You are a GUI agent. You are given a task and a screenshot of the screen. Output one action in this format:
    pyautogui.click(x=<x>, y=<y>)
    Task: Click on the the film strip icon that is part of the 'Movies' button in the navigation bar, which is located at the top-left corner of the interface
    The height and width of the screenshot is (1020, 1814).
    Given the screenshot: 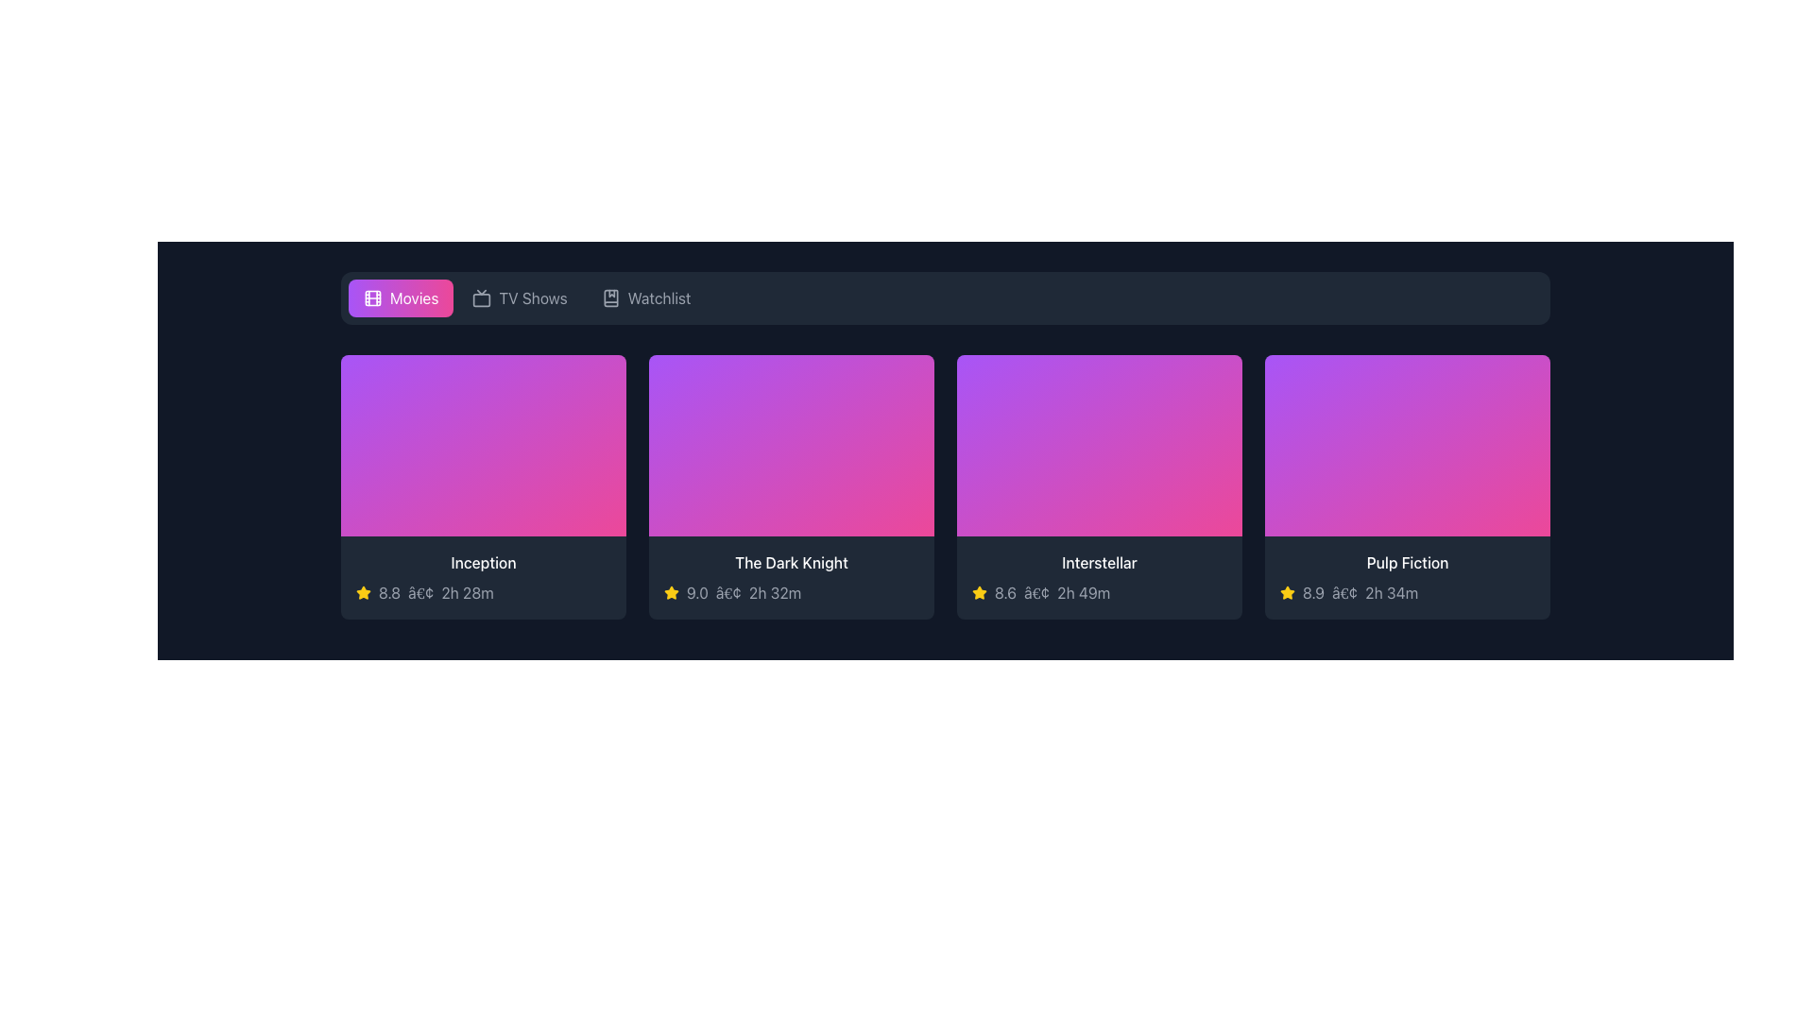 What is the action you would take?
    pyautogui.click(x=372, y=297)
    